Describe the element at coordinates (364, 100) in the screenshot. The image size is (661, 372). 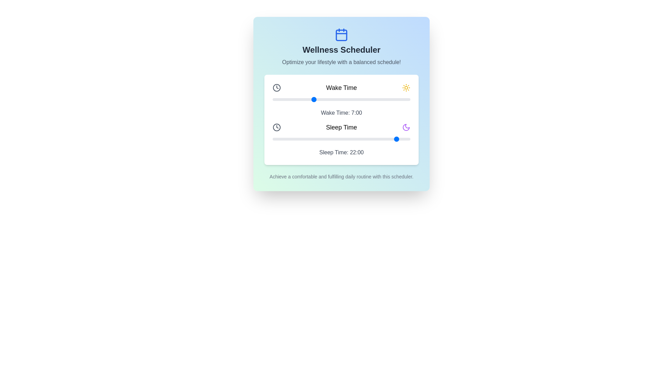
I see `the wake time` at that location.